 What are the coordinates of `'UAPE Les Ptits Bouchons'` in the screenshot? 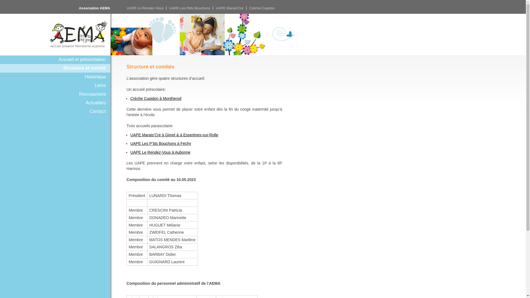 It's located at (169, 8).